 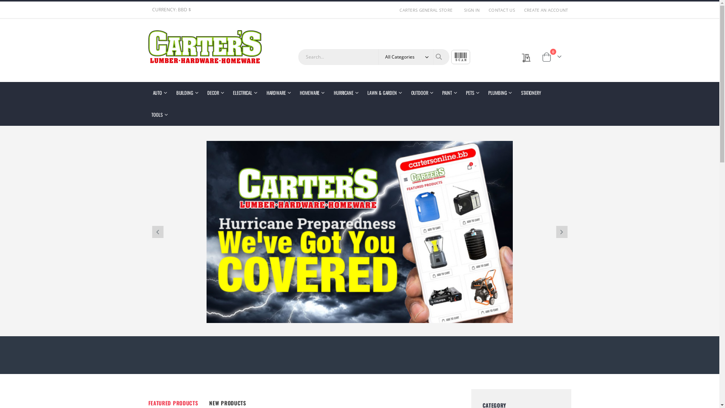 I want to click on 'HARDWARE', so click(x=278, y=93).